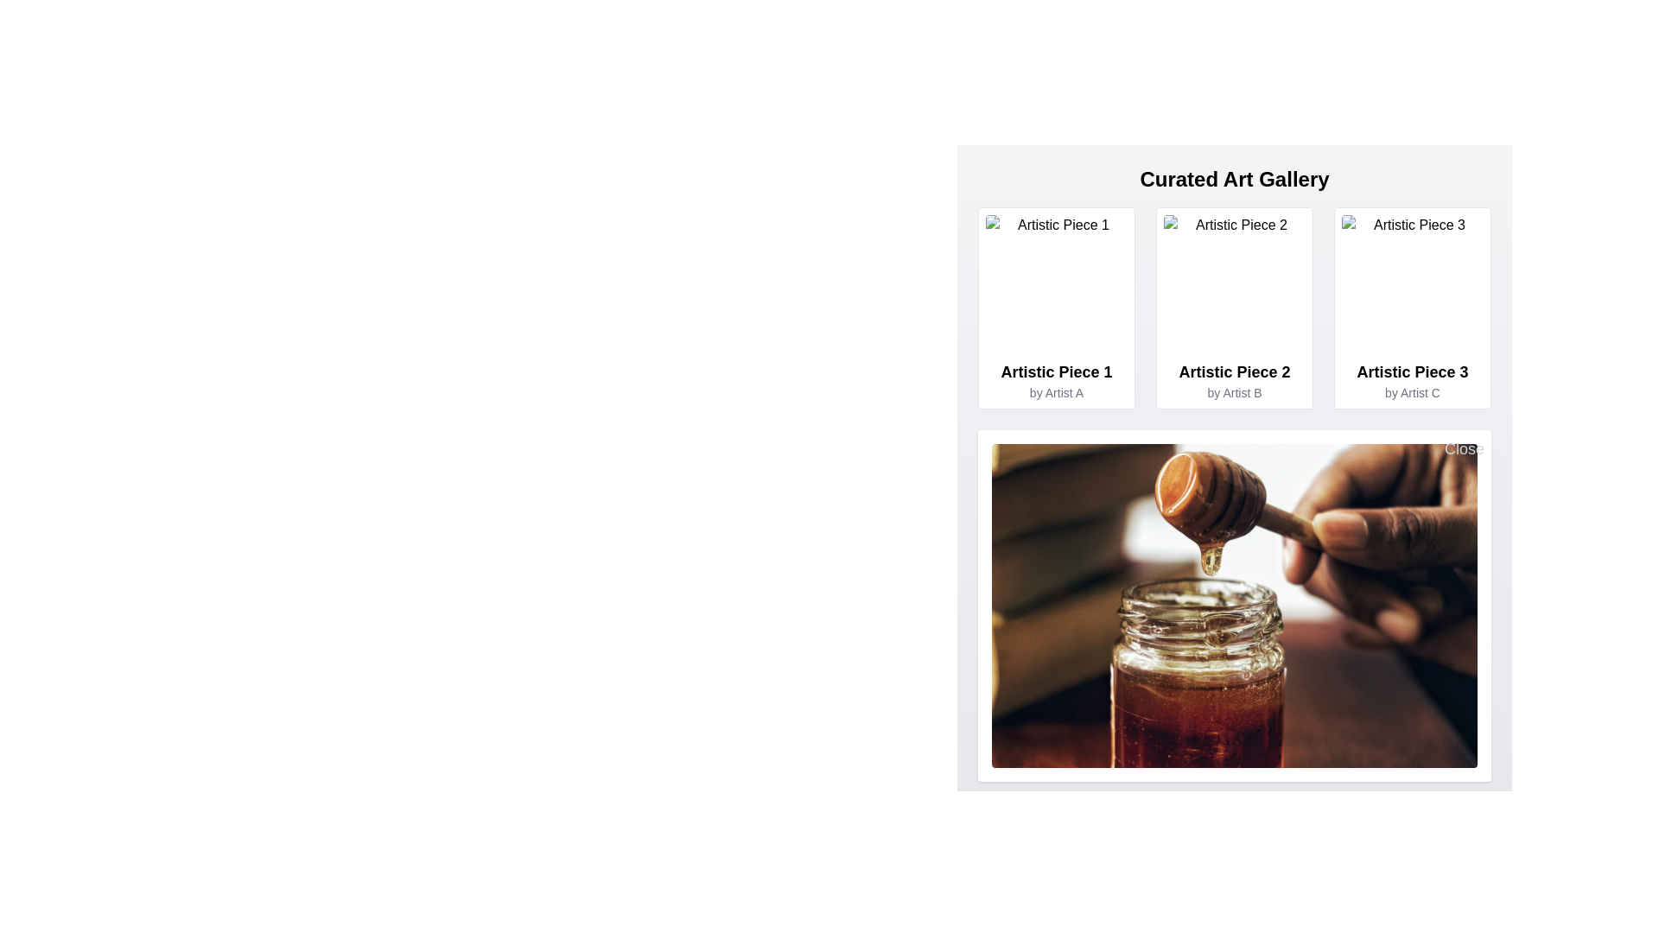 This screenshot has width=1659, height=933. Describe the element at coordinates (1056, 379) in the screenshot. I see `text displayed in the Text Display element, which provides the title and author's name for the artwork located in the first card of the grid layout` at that location.